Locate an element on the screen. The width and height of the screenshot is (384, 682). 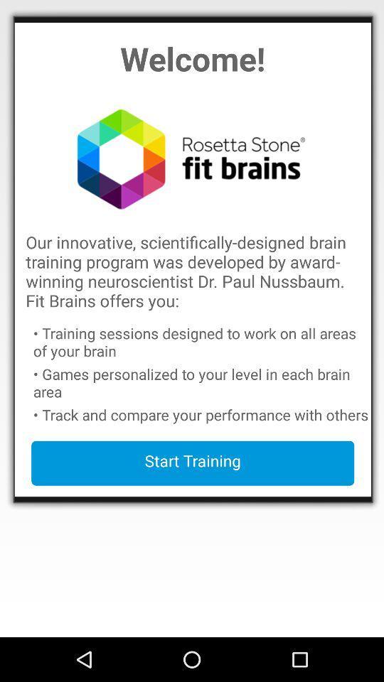
icon at the bottom is located at coordinates (192, 462).